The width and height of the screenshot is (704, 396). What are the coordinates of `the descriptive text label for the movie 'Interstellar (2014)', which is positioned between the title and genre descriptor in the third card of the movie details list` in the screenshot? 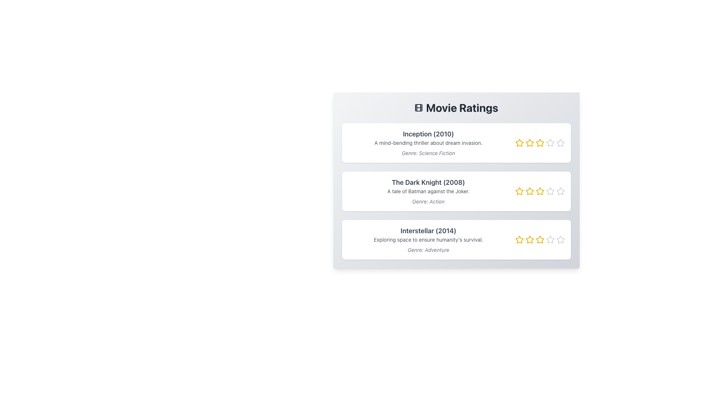 It's located at (428, 240).